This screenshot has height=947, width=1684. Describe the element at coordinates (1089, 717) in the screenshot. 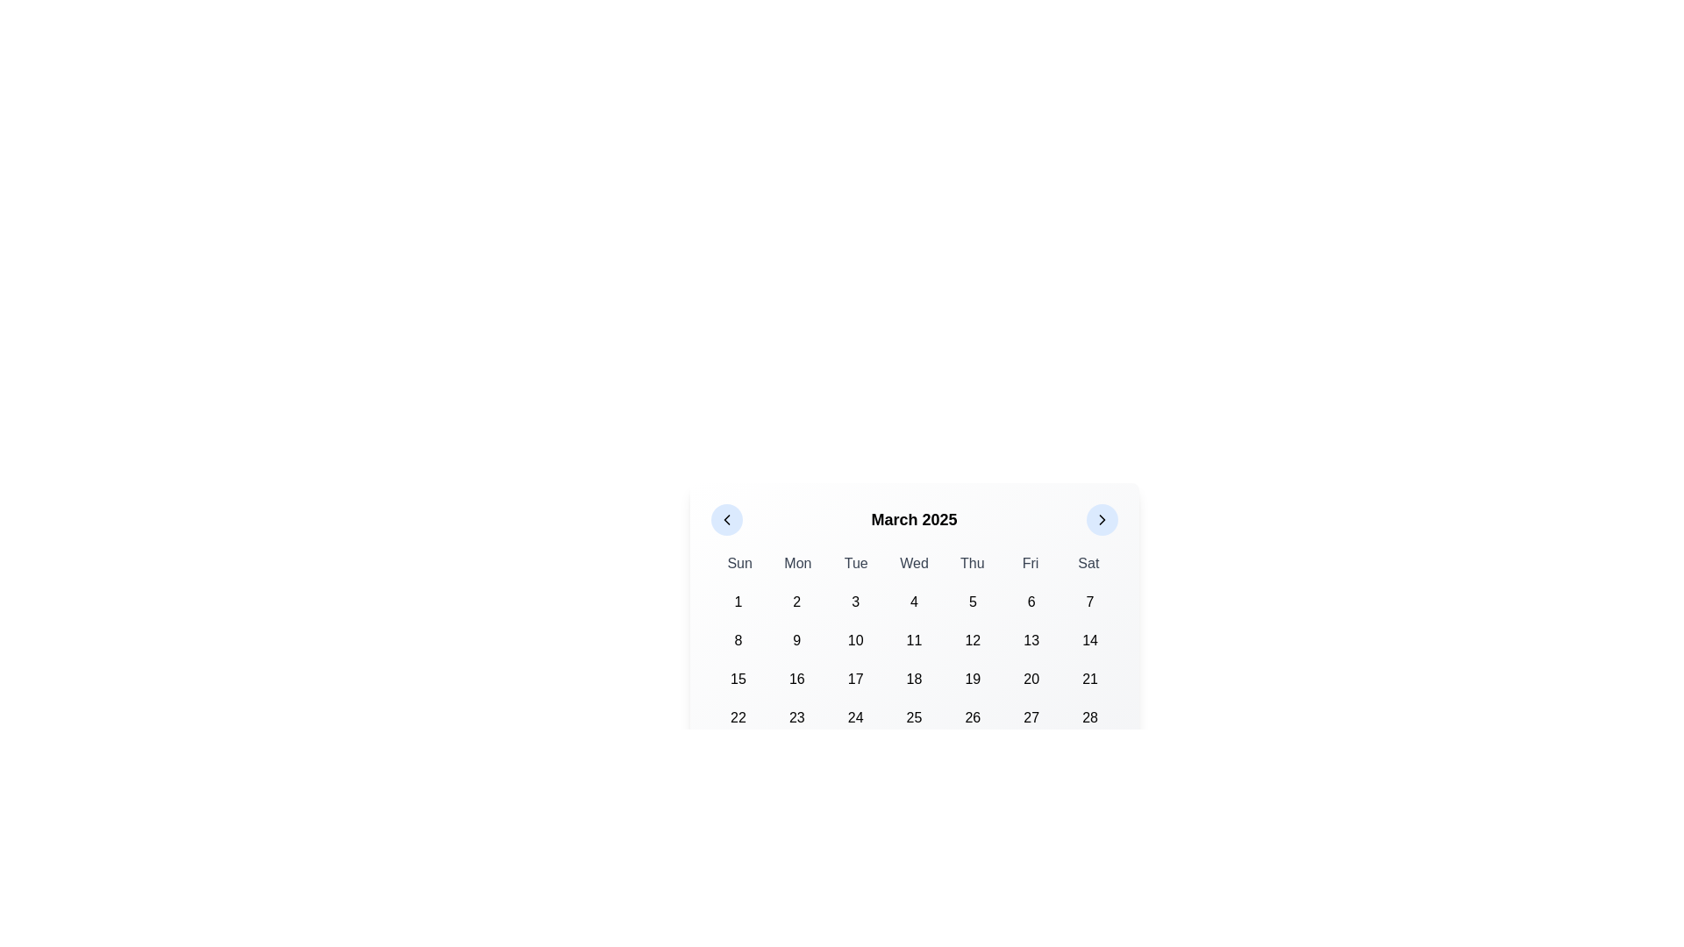

I see `the clickable calendar date cell representing the 28th date in the calendar, located in the bottom-right corner under the 'Fri' column` at that location.